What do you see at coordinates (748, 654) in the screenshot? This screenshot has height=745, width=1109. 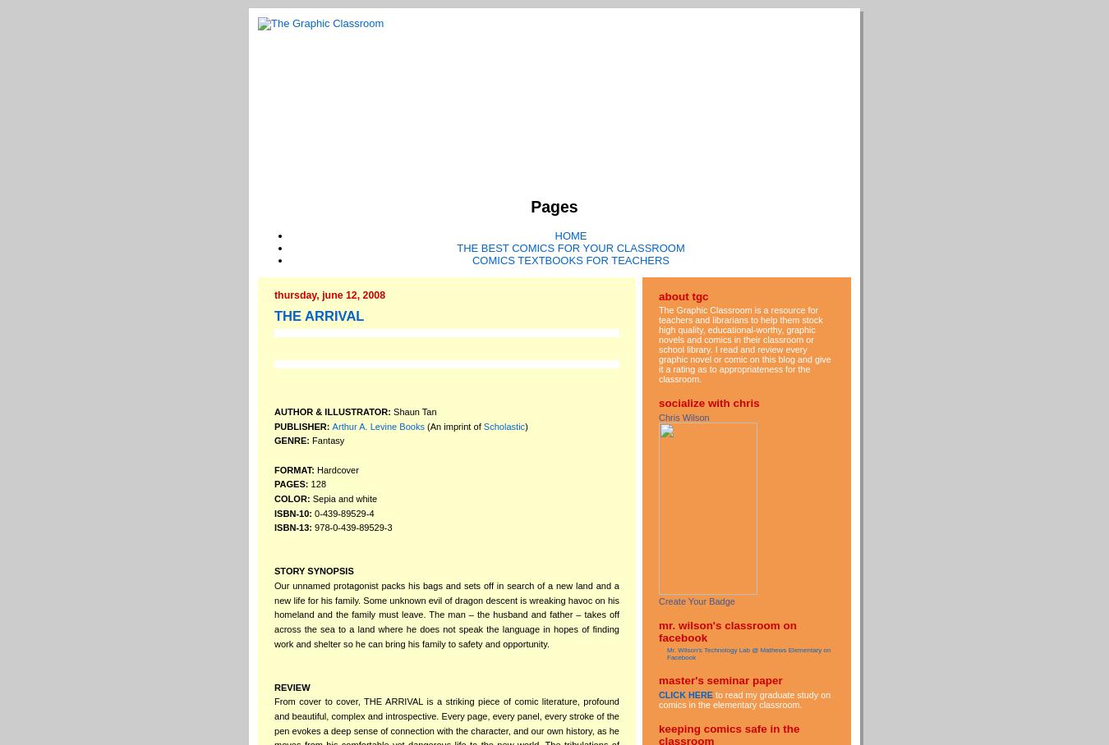 I see `'Mr. Wilson's Technology Lab @ Mathews Elementary on Facebook'` at bounding box center [748, 654].